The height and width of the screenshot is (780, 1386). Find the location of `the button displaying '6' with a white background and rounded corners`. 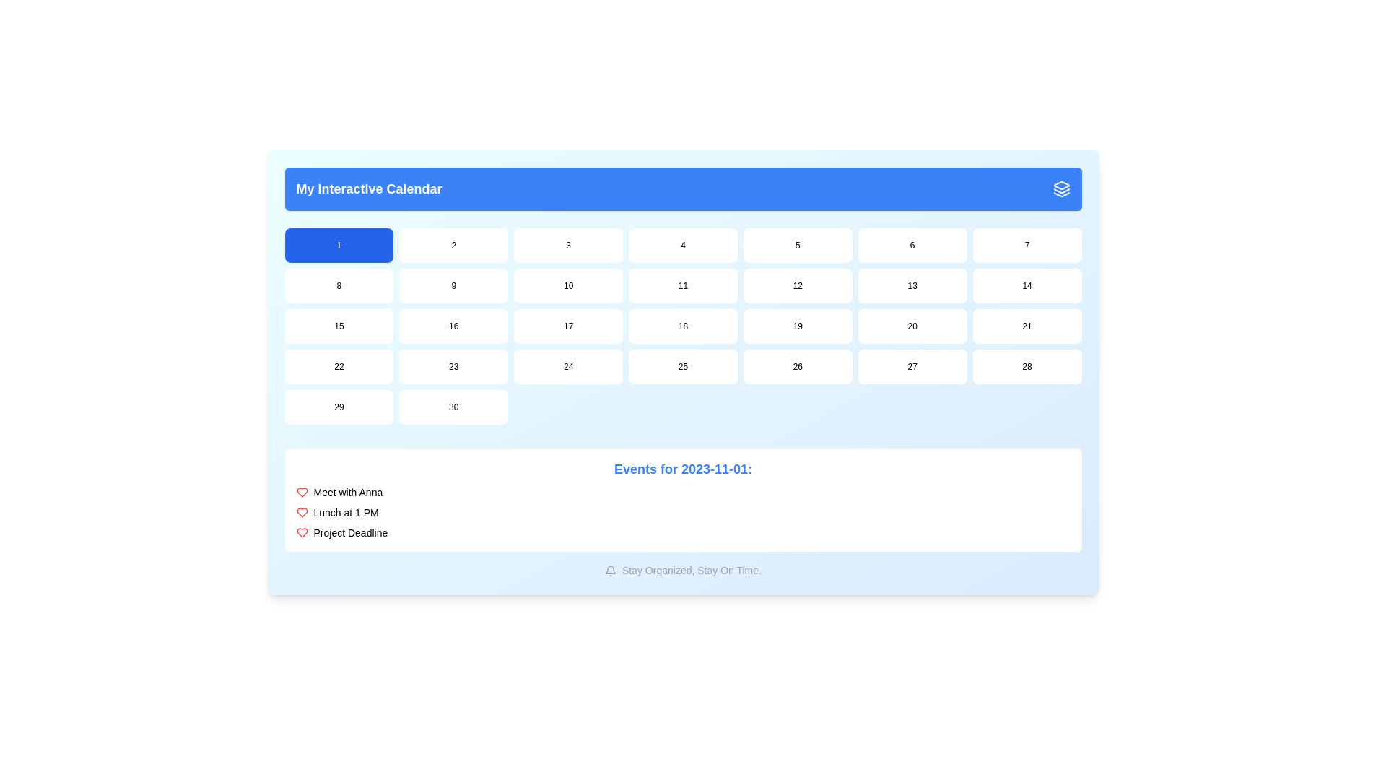

the button displaying '6' with a white background and rounded corners is located at coordinates (912, 244).